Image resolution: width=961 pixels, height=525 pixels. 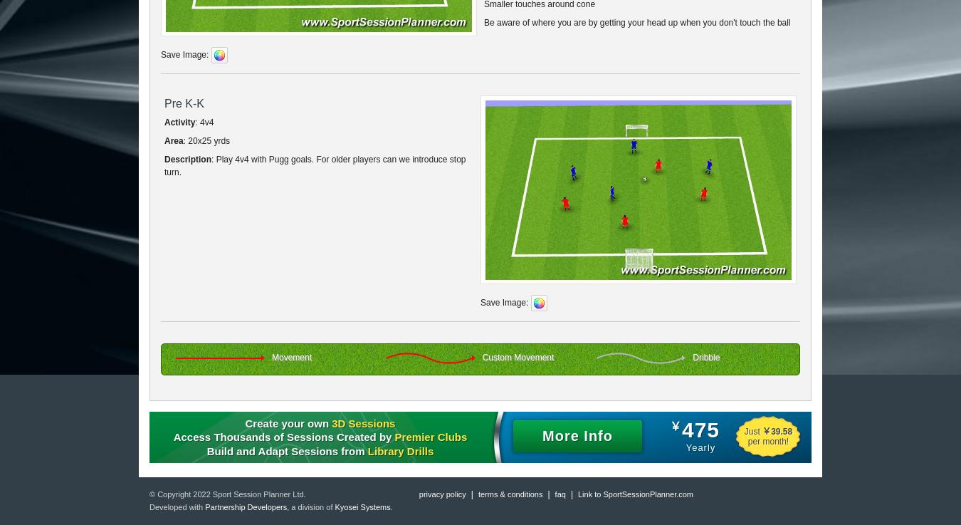 What do you see at coordinates (331, 422) in the screenshot?
I see `'3D Sessions'` at bounding box center [331, 422].